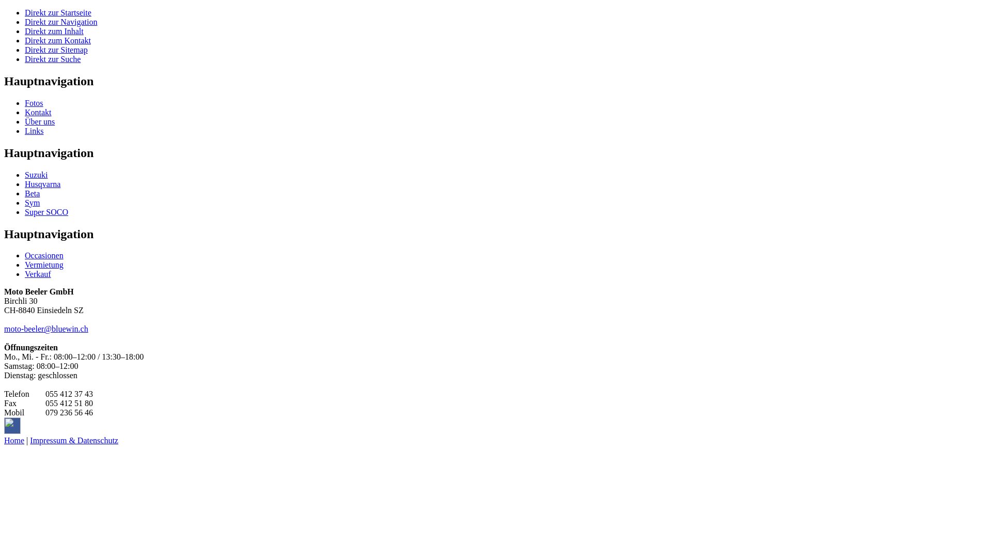  What do you see at coordinates (25, 273) in the screenshot?
I see `'Verkauf'` at bounding box center [25, 273].